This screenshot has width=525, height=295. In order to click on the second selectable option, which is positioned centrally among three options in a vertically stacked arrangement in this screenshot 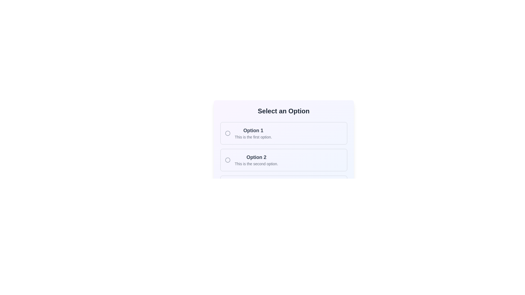, I will do `click(284, 160)`.